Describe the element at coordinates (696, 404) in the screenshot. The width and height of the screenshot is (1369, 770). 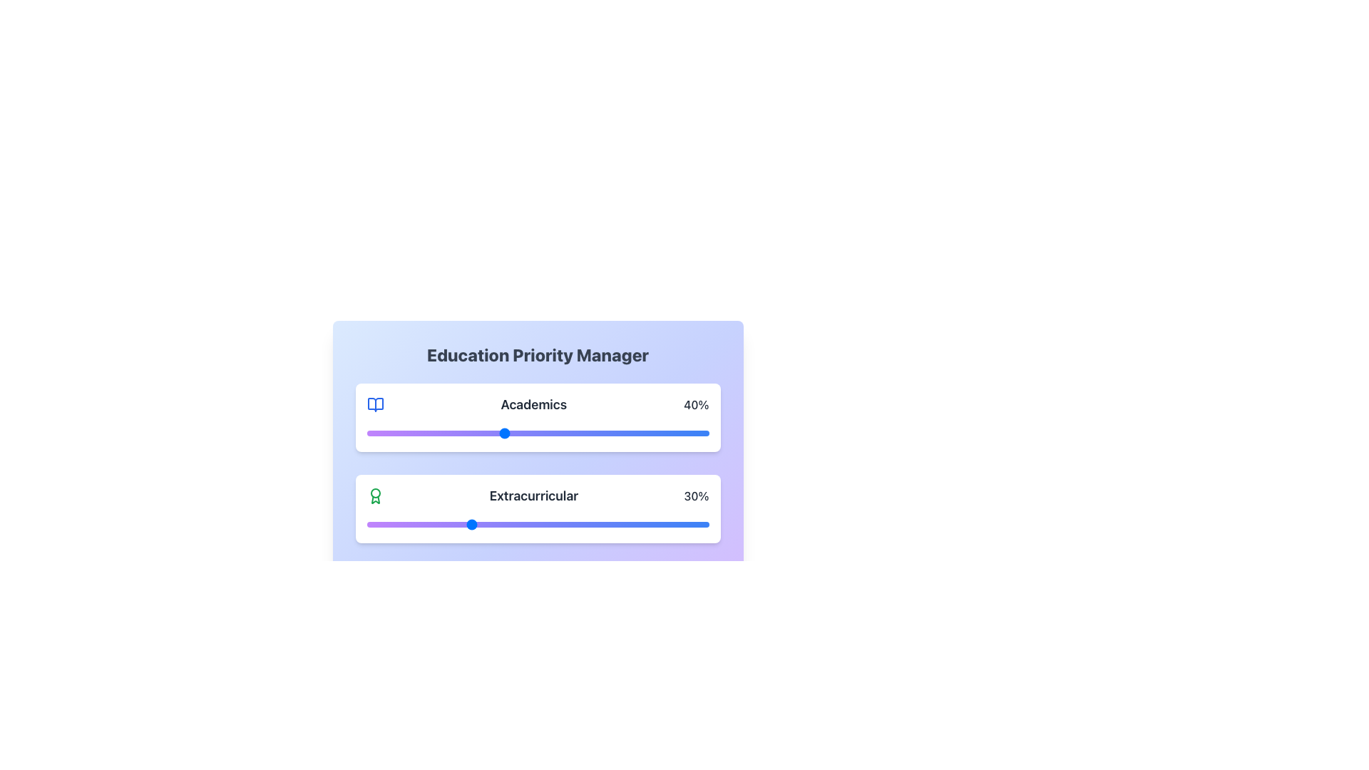
I see `value displayed in the text label showing '40%' within the 'Academics' section, positioned to the far right with a light blue background and purple progress bar` at that location.